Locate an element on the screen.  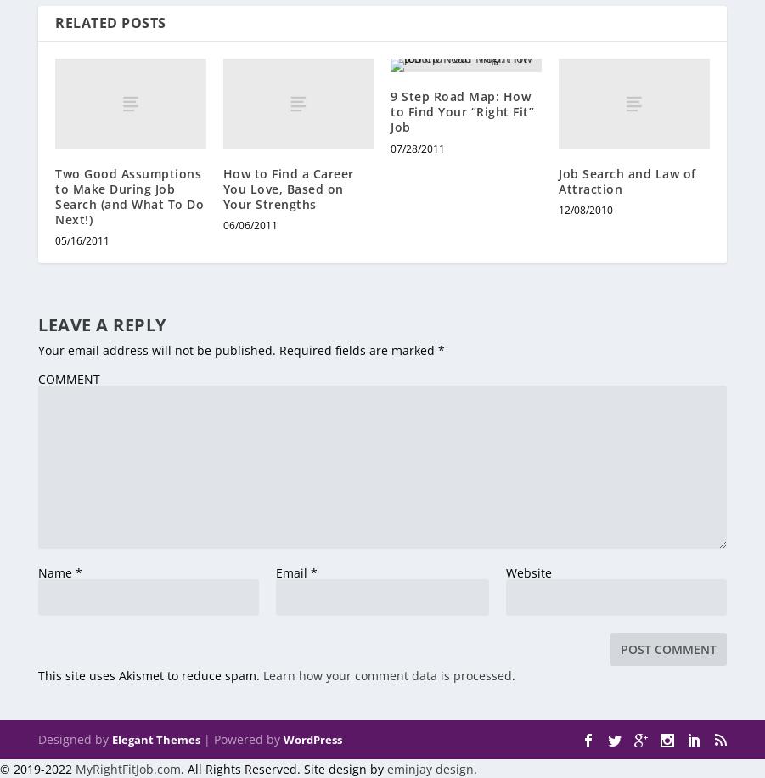
'9 Step Road Map: How to Find Your “Right Fit” Job' is located at coordinates (461, 111).